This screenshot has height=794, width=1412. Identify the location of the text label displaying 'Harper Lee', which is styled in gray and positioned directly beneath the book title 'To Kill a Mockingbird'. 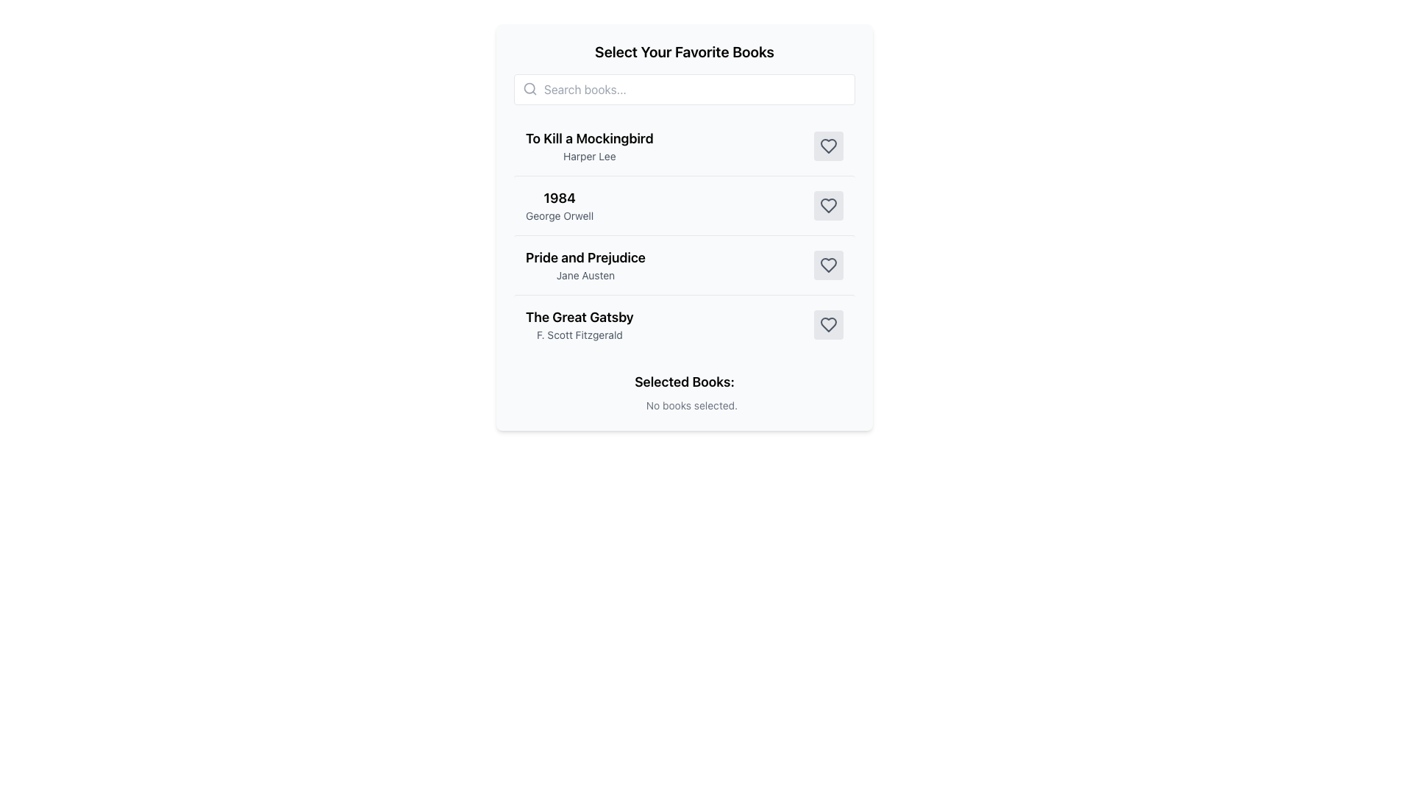
(589, 156).